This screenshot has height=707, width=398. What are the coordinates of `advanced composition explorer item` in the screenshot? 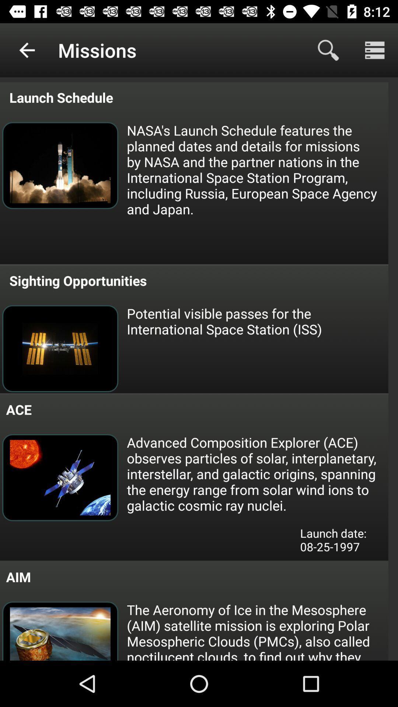 It's located at (256, 474).